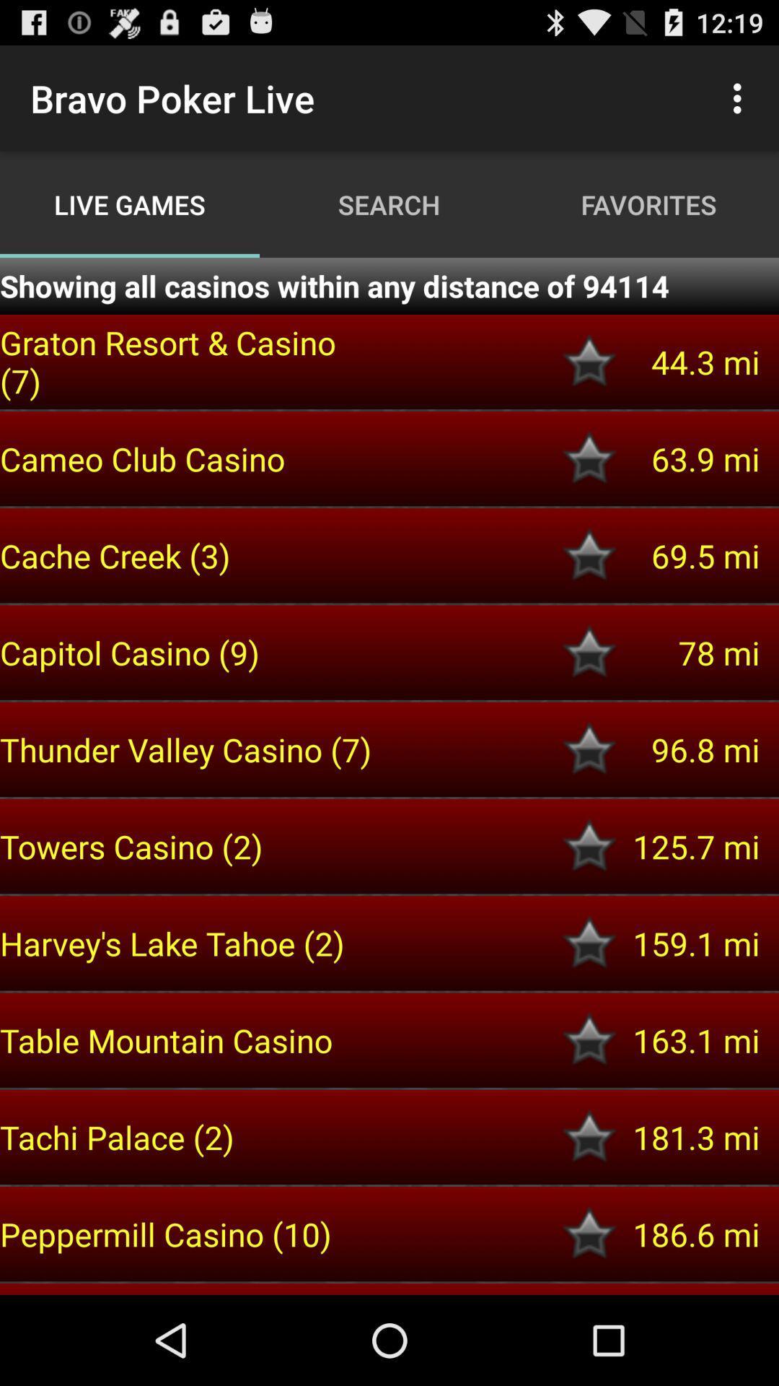  Describe the element at coordinates (589, 1136) in the screenshot. I see `set as a favorite` at that location.